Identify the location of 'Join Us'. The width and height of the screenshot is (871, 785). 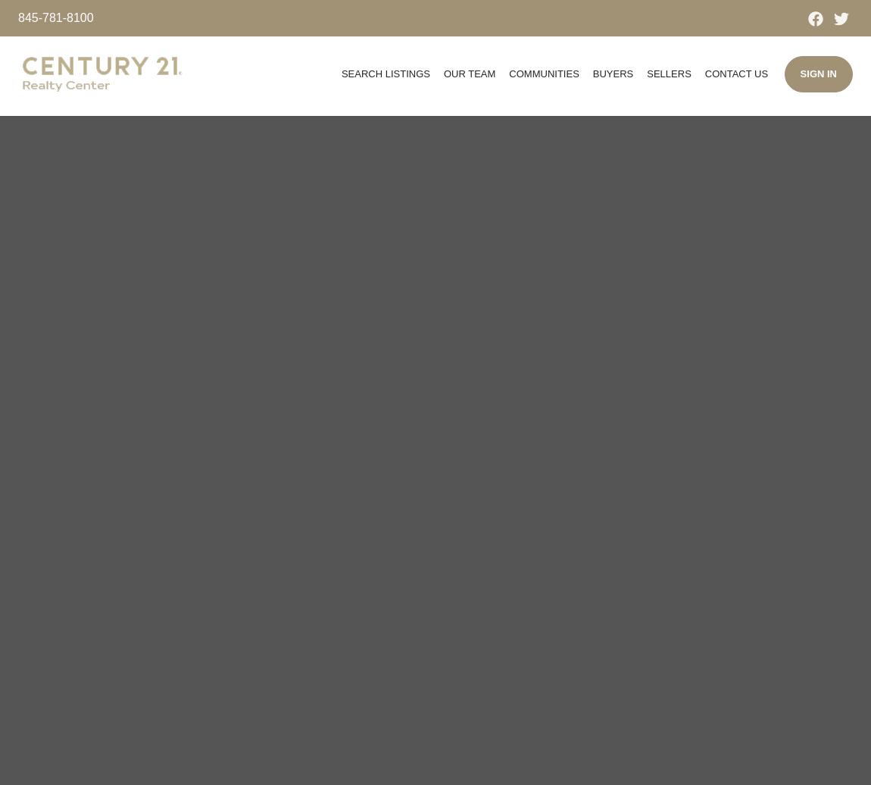
(706, 105).